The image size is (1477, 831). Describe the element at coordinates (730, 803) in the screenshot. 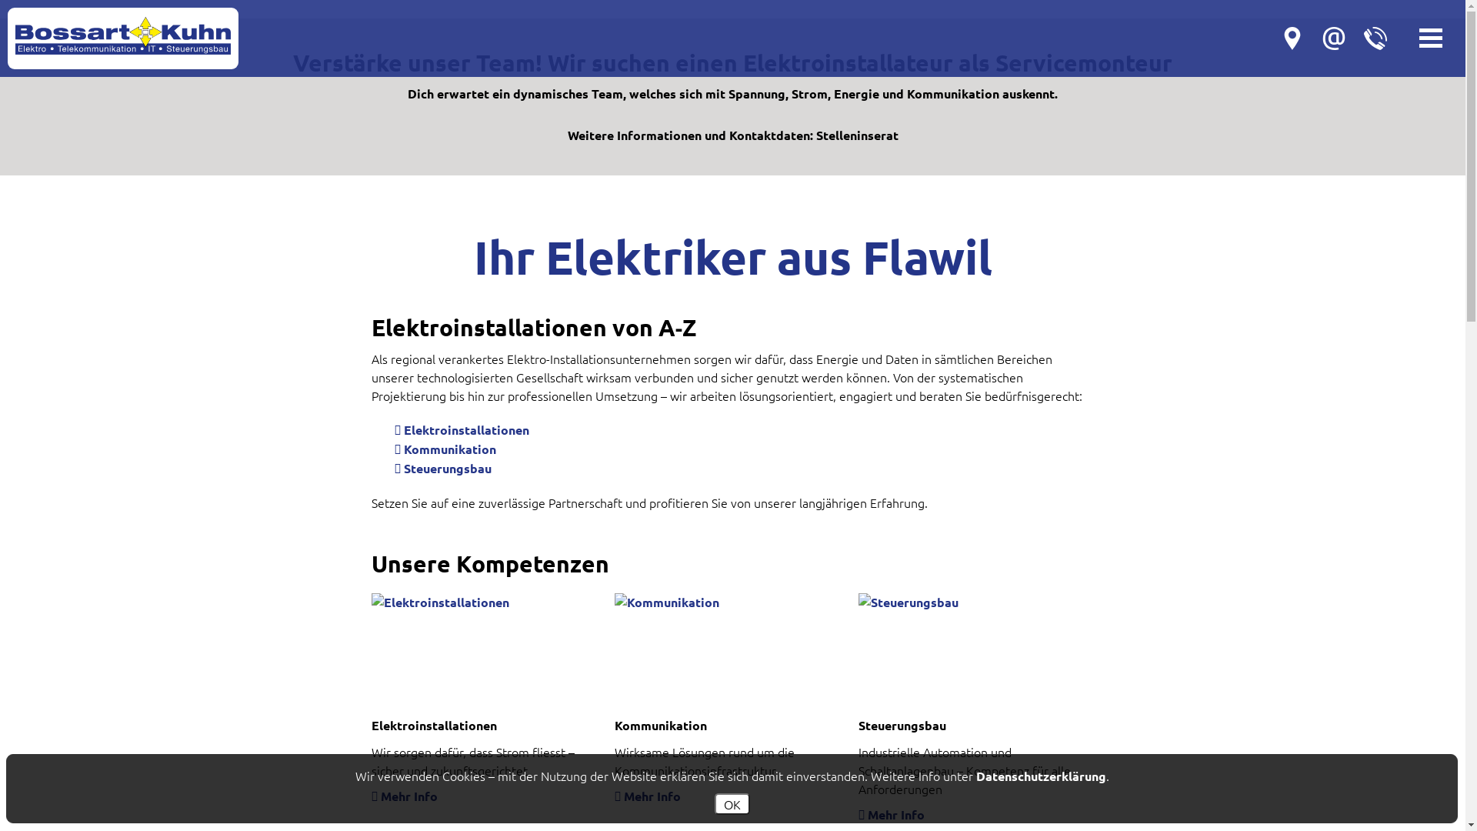

I see `'OK'` at that location.